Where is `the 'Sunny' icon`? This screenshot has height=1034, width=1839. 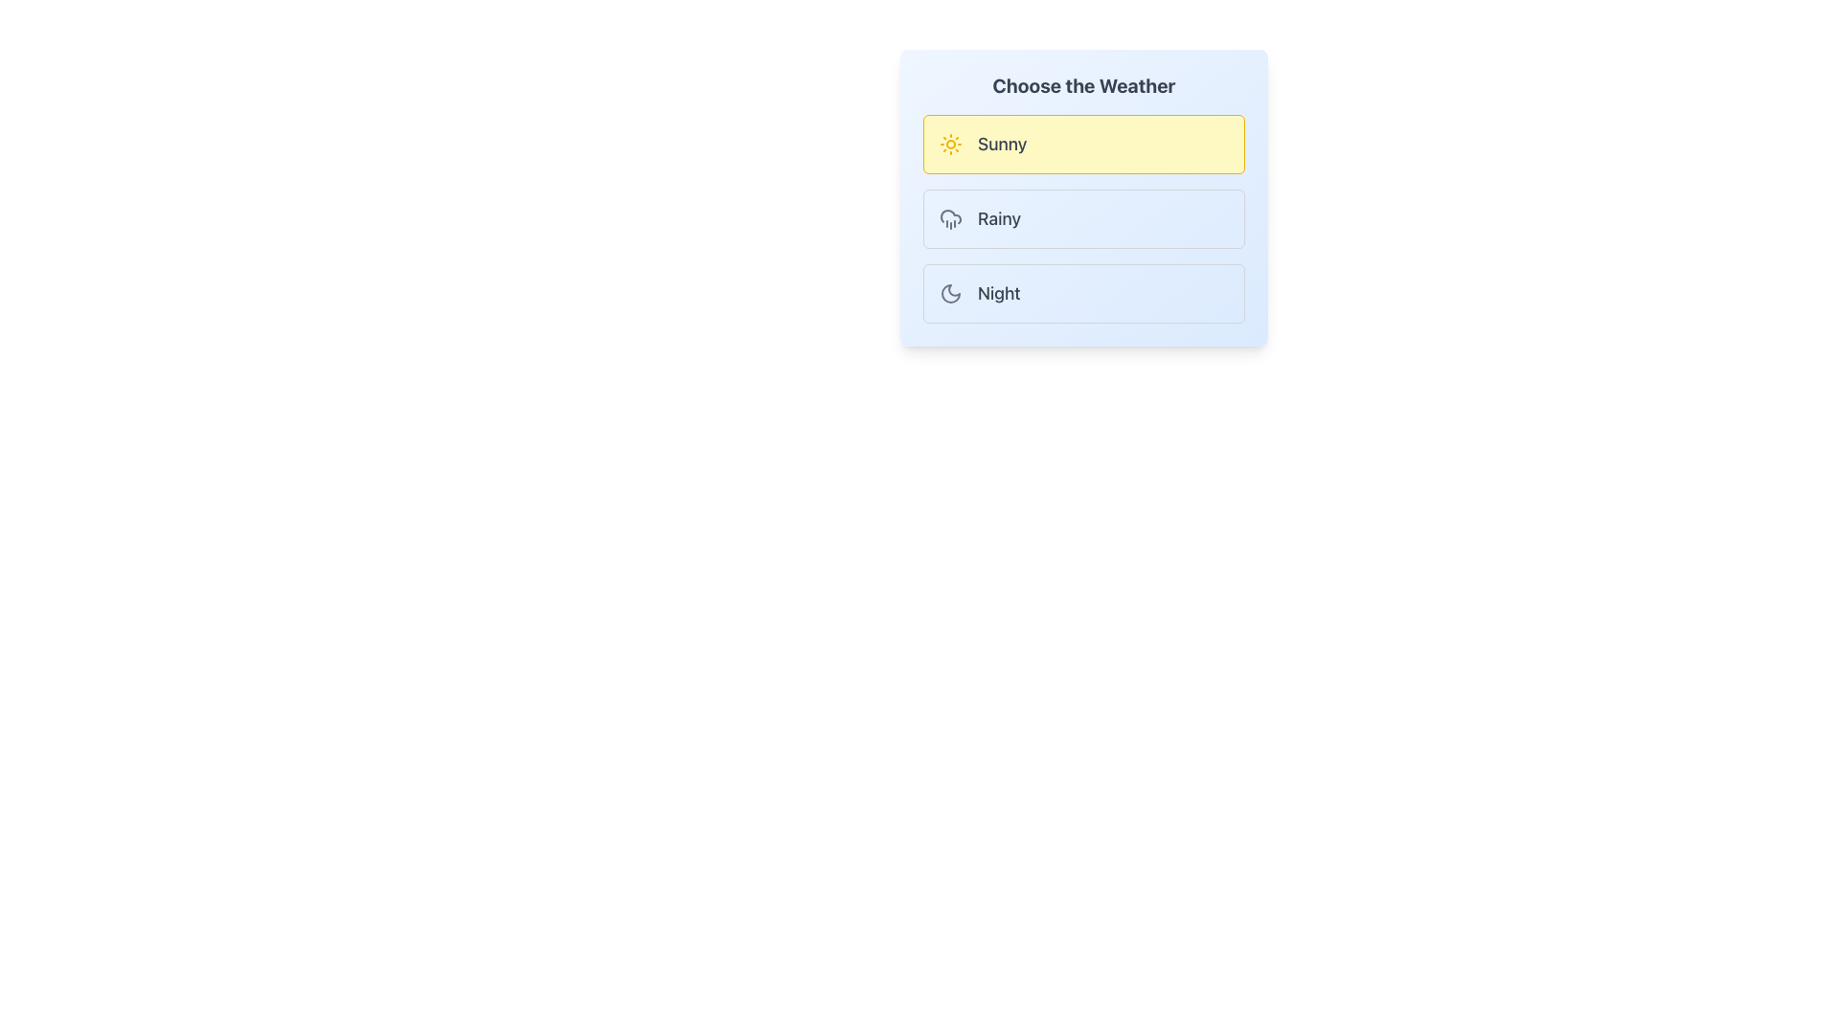
the 'Sunny' icon is located at coordinates (951, 143).